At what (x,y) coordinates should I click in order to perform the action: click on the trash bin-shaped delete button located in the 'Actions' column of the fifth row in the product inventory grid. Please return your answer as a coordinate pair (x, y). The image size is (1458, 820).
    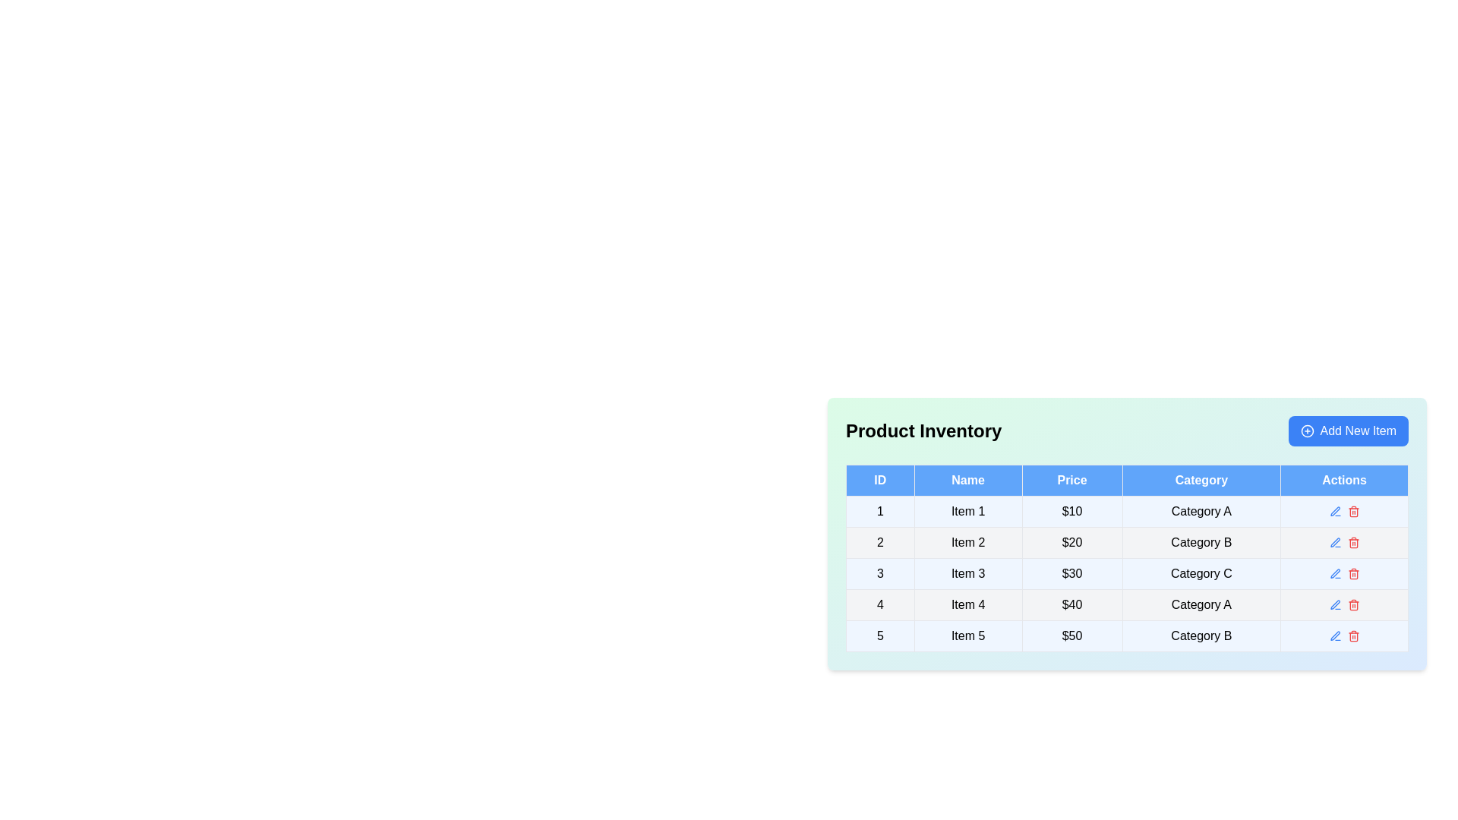
    Looking at the image, I should click on (1353, 637).